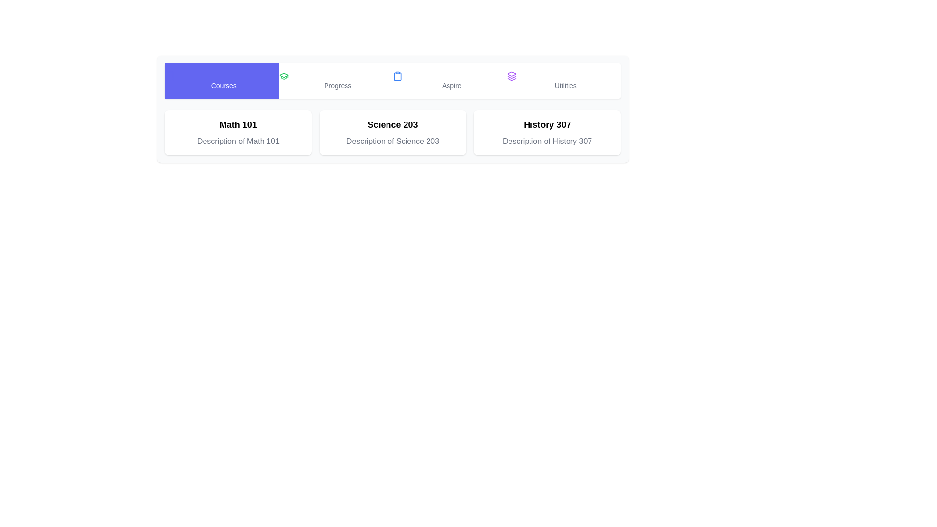 This screenshot has height=527, width=937. I want to click on the text label displaying 'Aspire' in a gray font, which is the fourth element in a horizontal sequence of navigation items, so click(451, 85).